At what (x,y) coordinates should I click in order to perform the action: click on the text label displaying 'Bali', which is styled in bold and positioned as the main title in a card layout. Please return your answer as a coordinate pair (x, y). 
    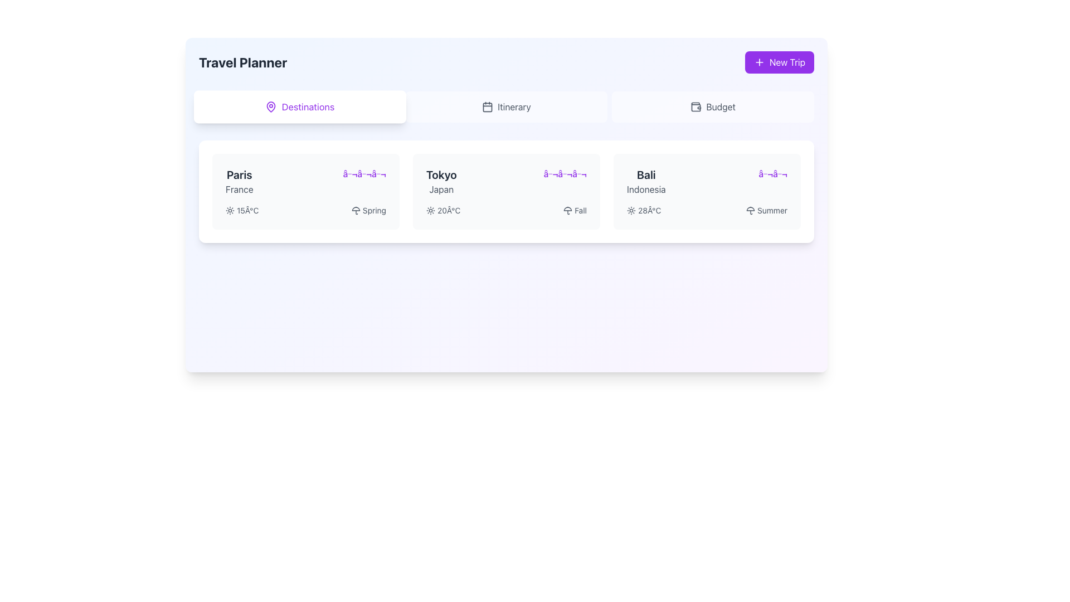
    Looking at the image, I should click on (646, 174).